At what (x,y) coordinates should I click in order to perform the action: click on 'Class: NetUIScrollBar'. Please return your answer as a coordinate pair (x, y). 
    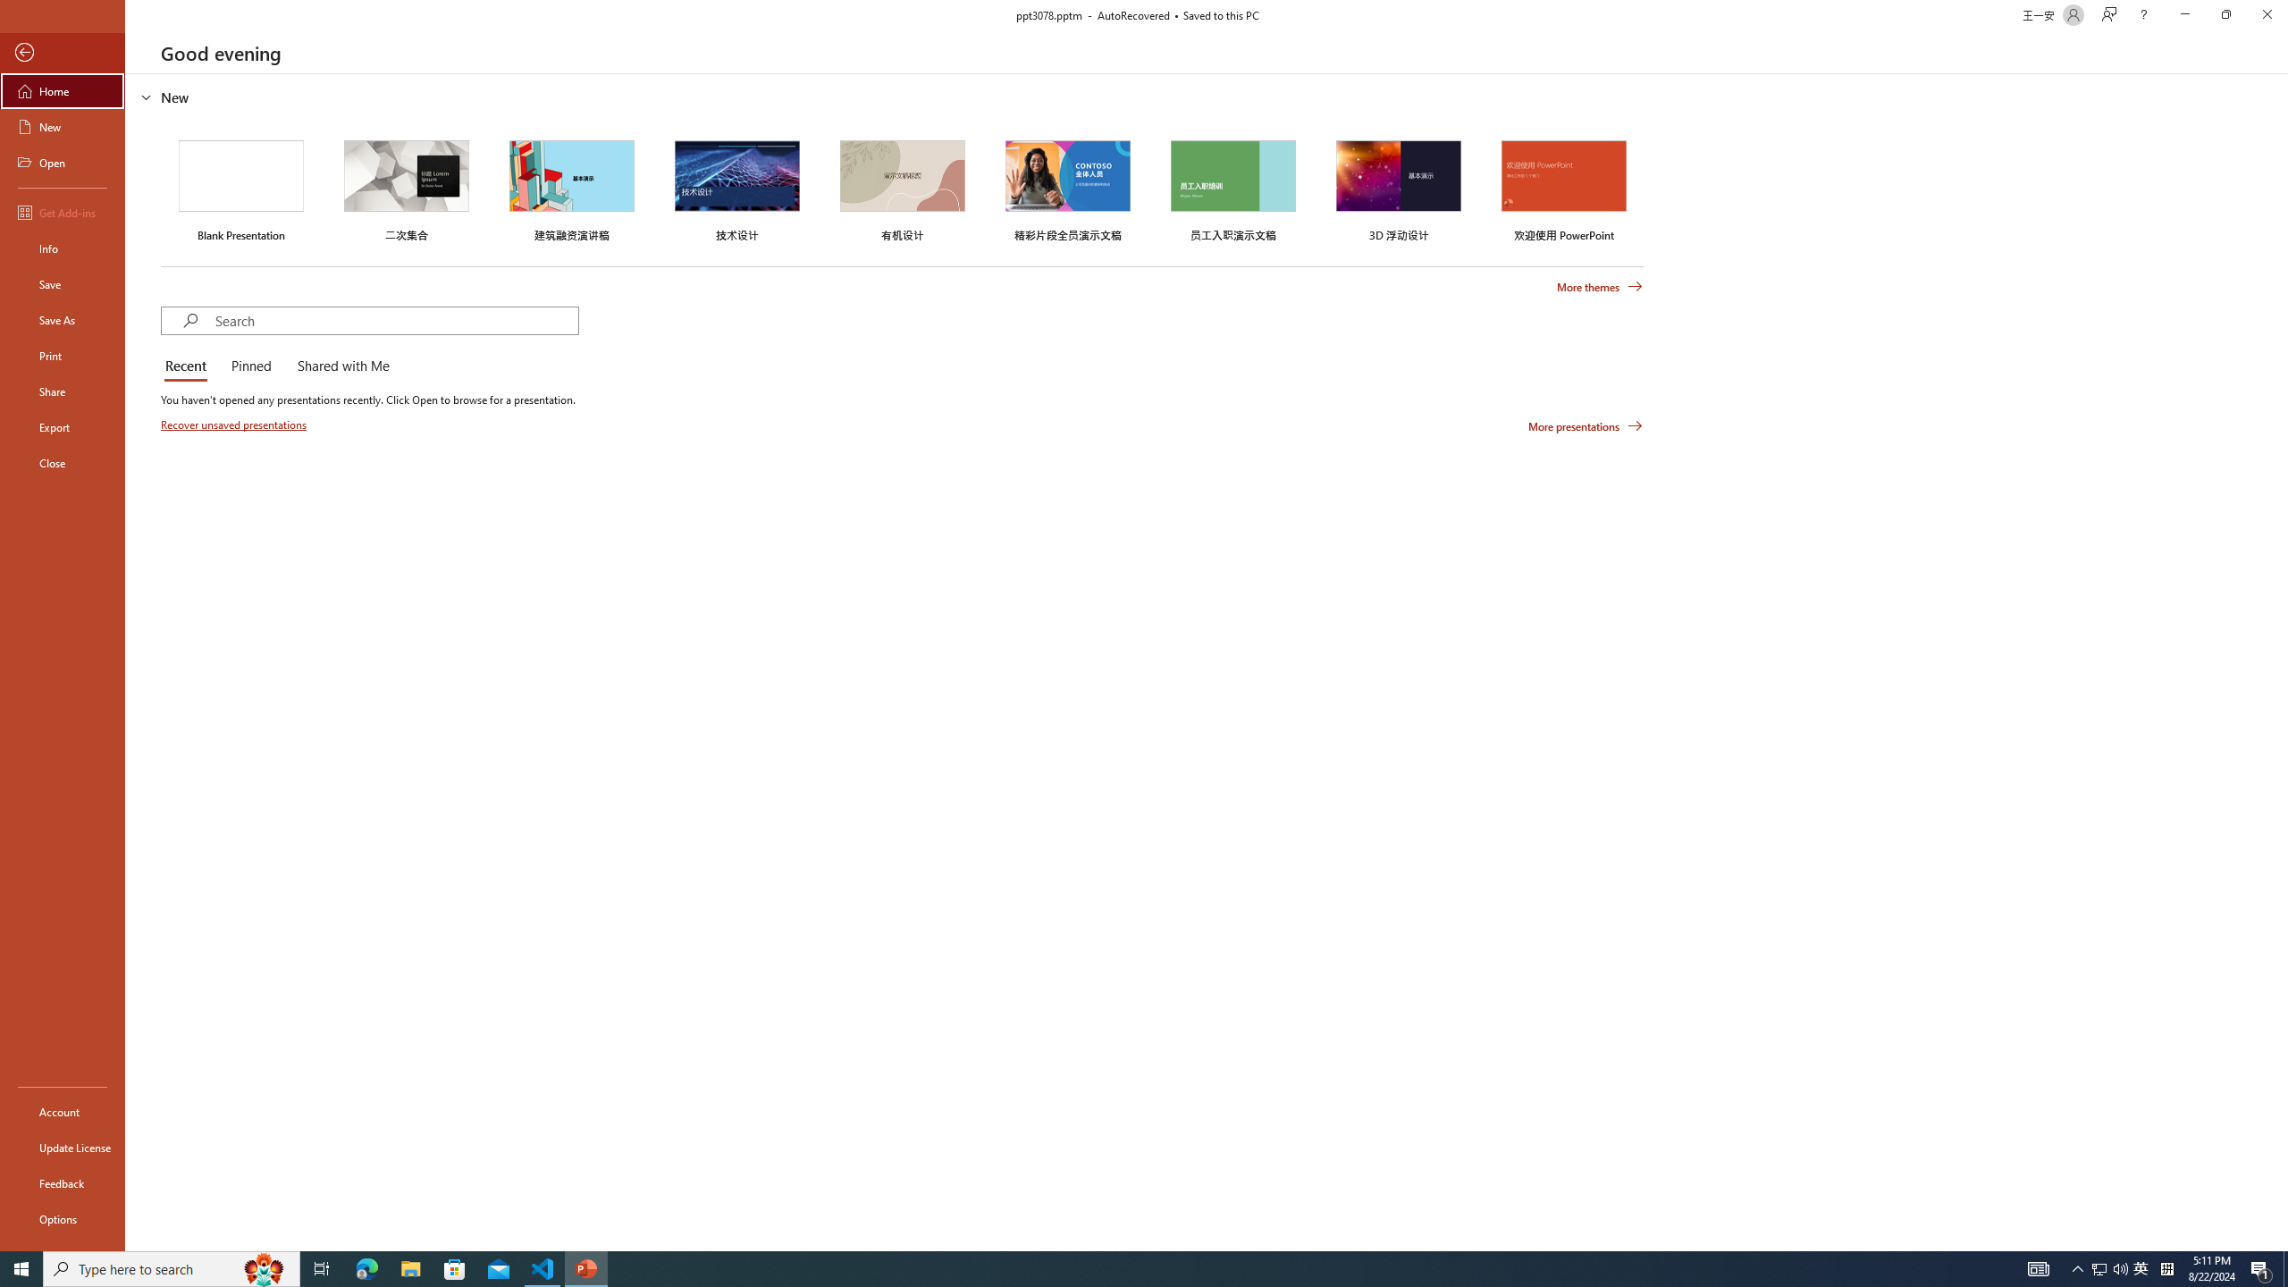
    Looking at the image, I should click on (2280, 661).